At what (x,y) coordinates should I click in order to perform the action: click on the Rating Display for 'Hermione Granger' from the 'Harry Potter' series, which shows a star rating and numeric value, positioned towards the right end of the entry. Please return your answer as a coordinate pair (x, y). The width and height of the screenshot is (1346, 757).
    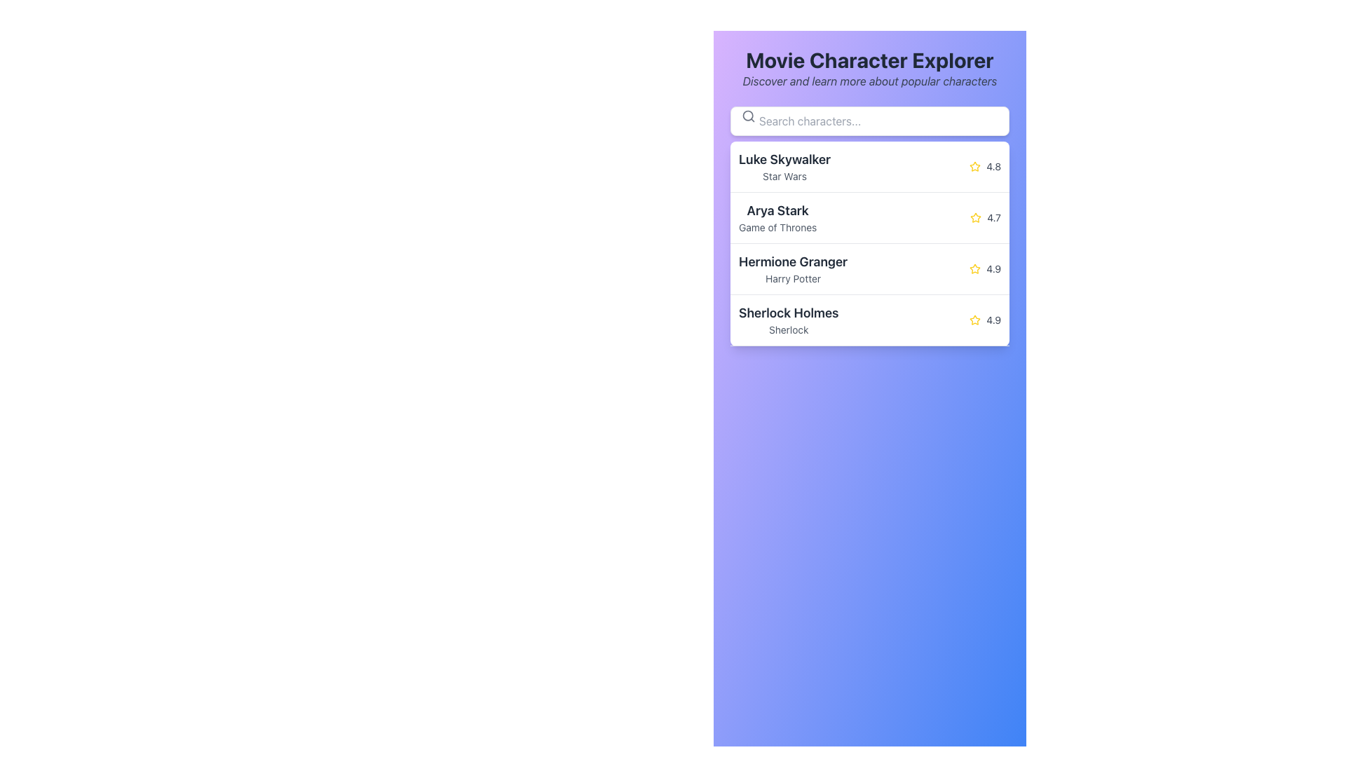
    Looking at the image, I should click on (984, 269).